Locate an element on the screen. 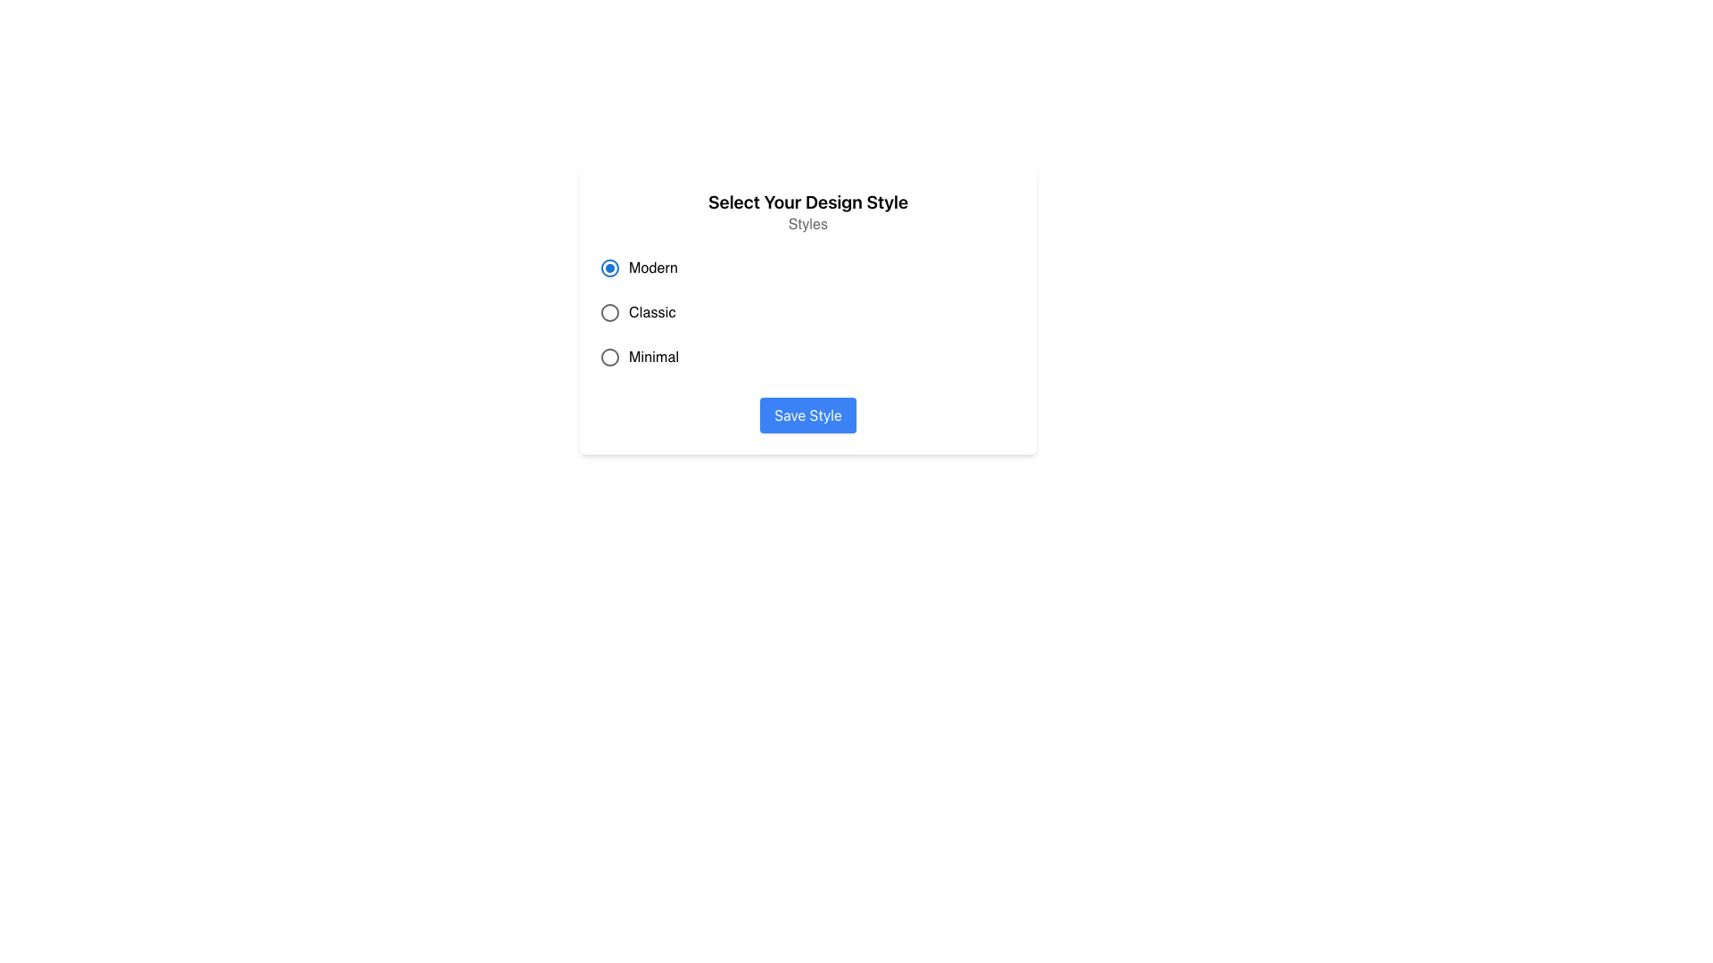 The height and width of the screenshot is (963, 1713). the radio button labeled 'Classic' is located at coordinates (795, 312).